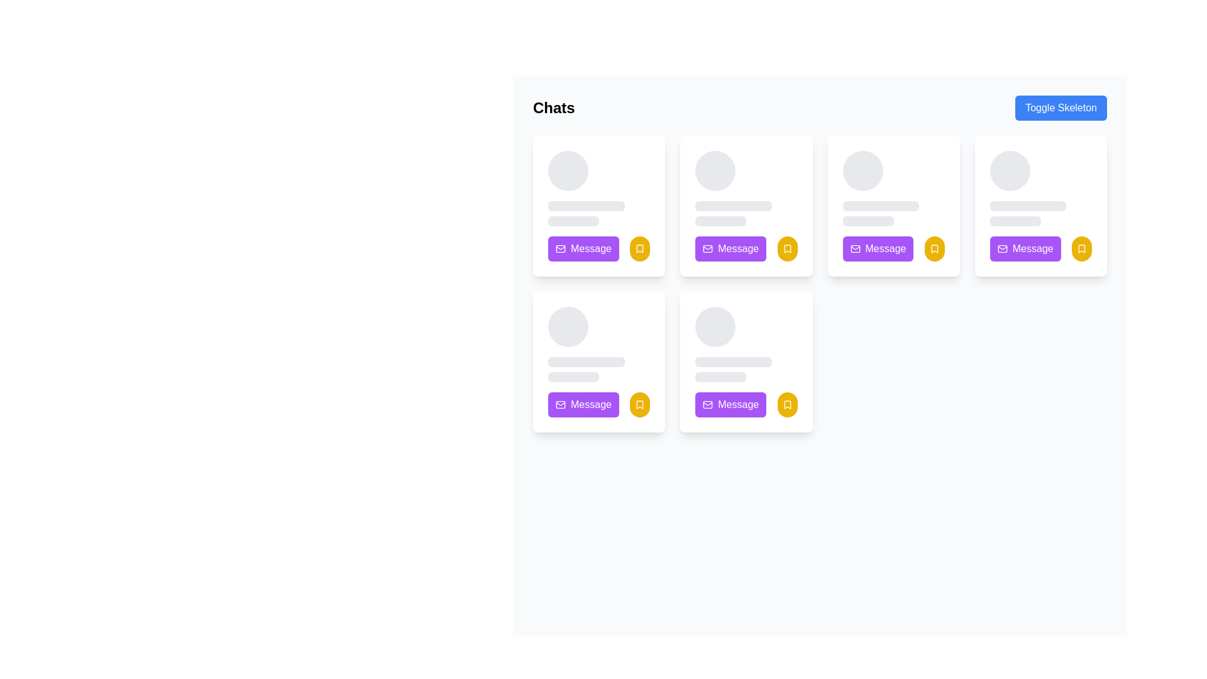  Describe the element at coordinates (1001, 249) in the screenshot. I see `the envelope icon displayed in white on a purple background, which is part of the 'Message' button located in the lower section of a card component in the top-right corner of the grid` at that location.